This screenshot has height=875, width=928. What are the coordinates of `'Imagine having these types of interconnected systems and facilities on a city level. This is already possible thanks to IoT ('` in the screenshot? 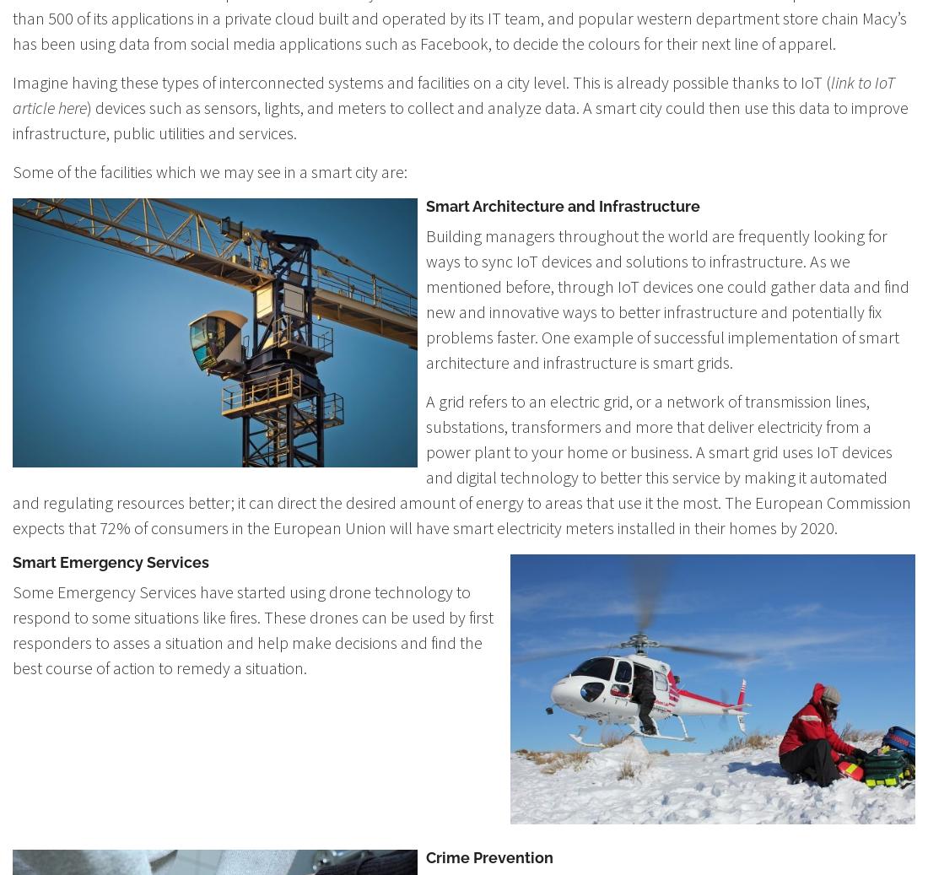 It's located at (421, 81).